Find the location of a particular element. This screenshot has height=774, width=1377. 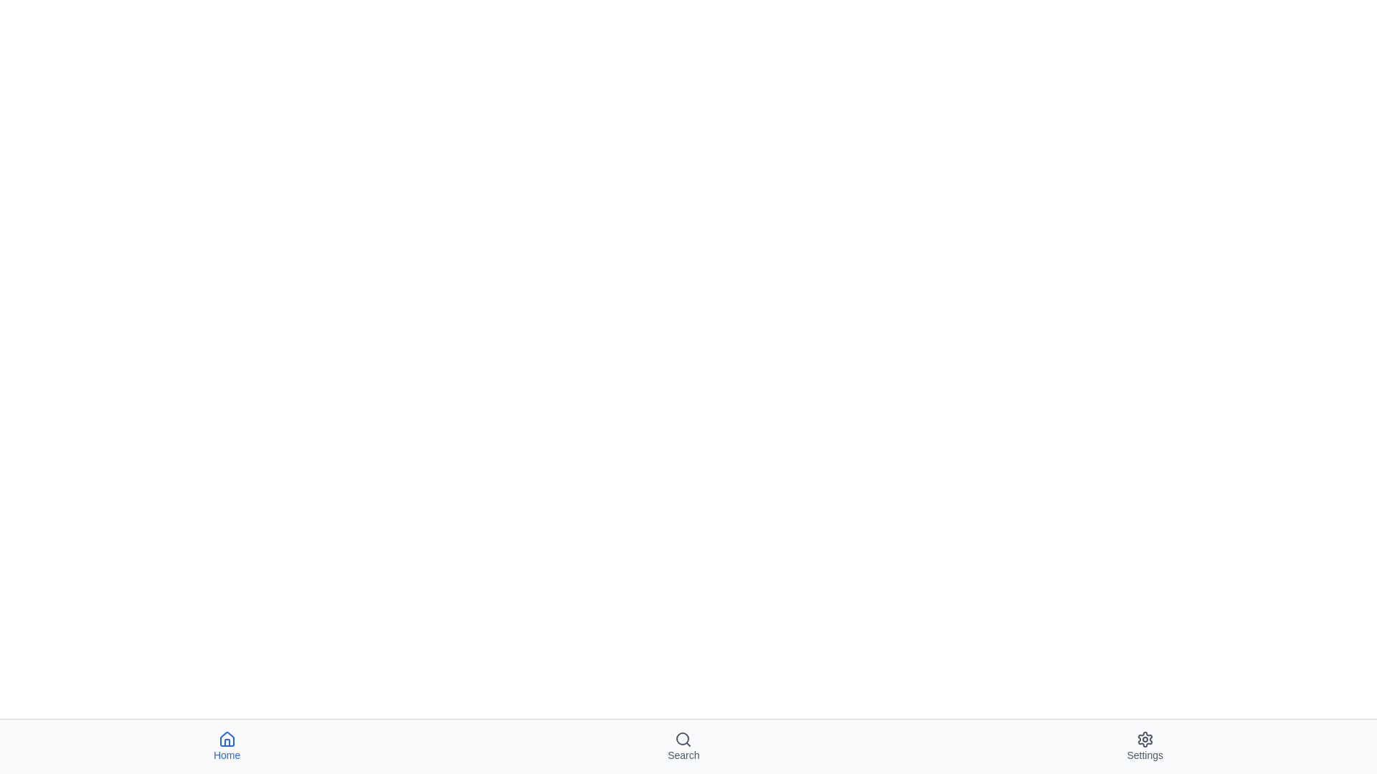

the 'Home' text label, which is styled in blue and located below the house icon in the bottom navigation bar is located at coordinates (226, 754).